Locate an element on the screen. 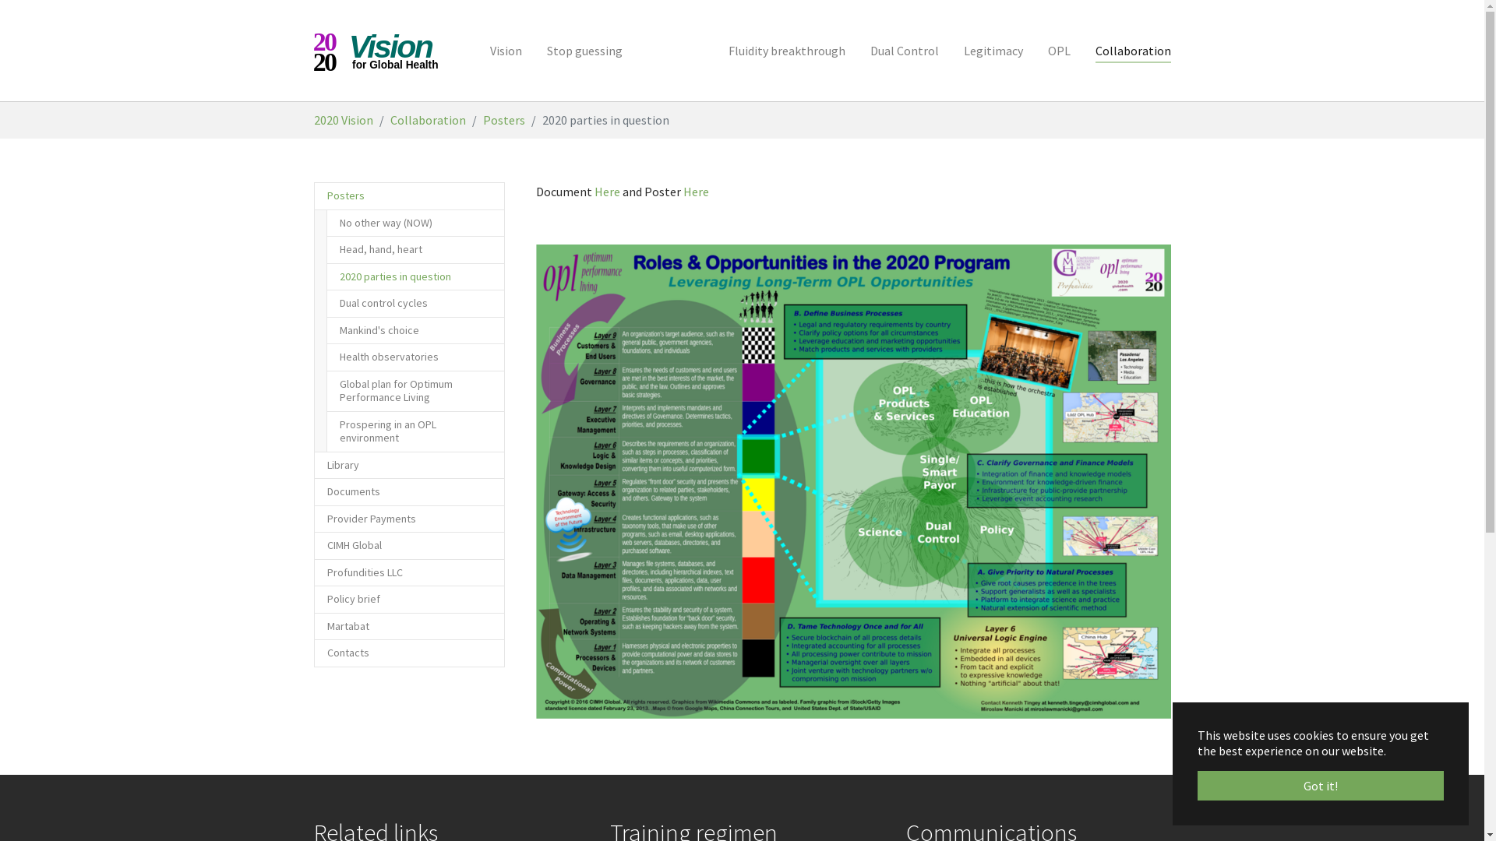 This screenshot has width=1496, height=841. '2020 parties in question is located at coordinates (415, 276).